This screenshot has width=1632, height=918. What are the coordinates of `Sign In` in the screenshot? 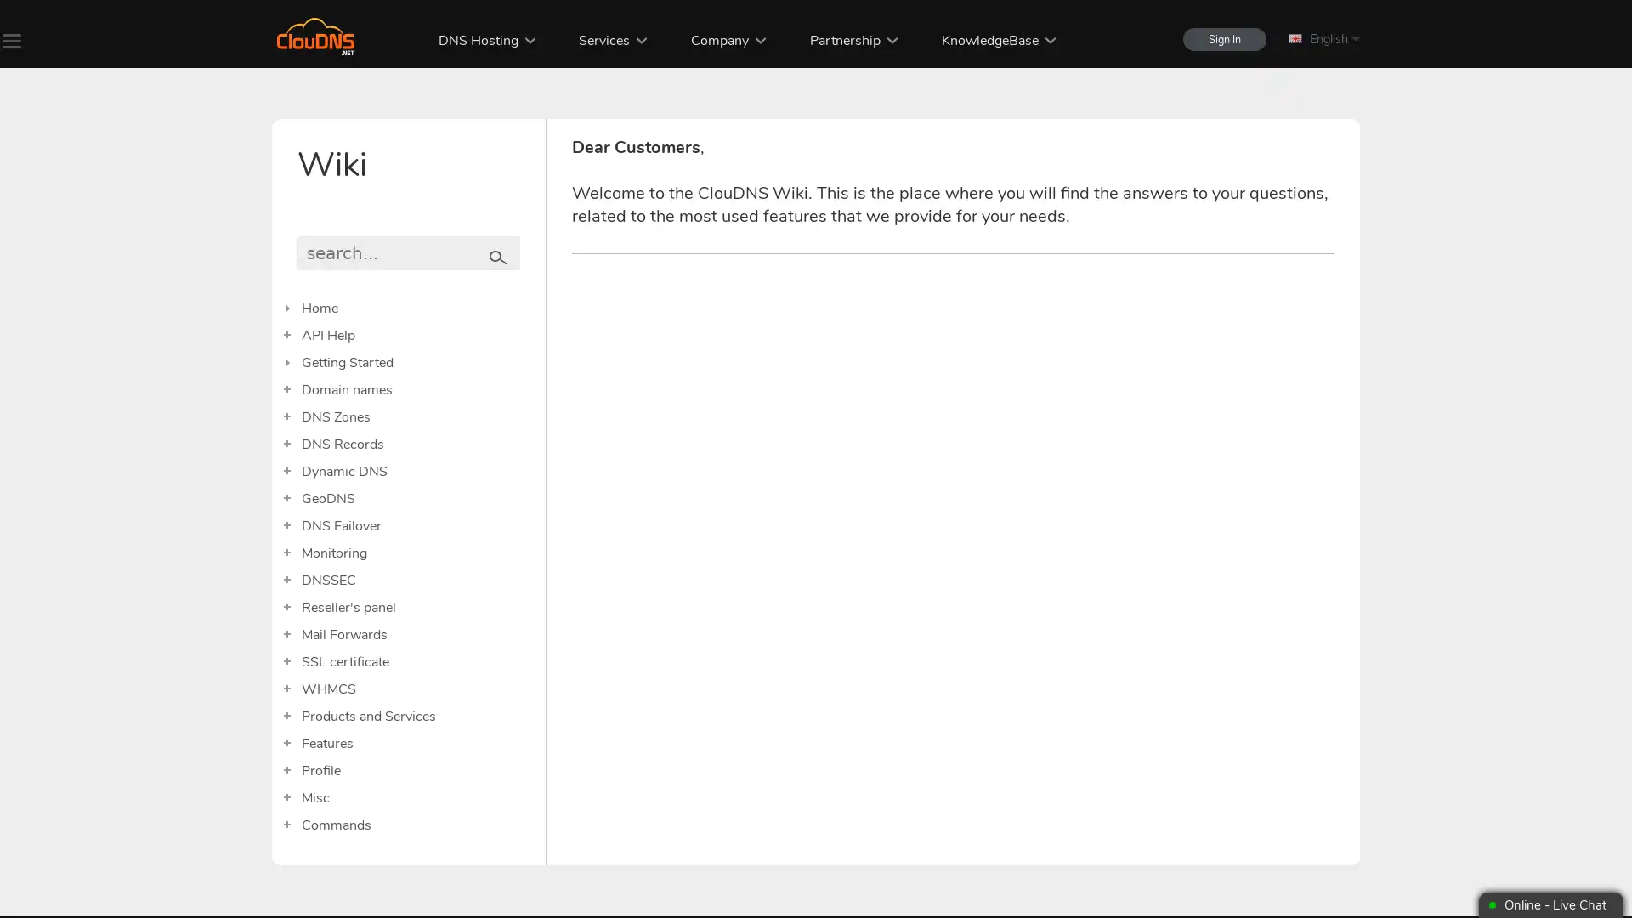 It's located at (1215, 38).